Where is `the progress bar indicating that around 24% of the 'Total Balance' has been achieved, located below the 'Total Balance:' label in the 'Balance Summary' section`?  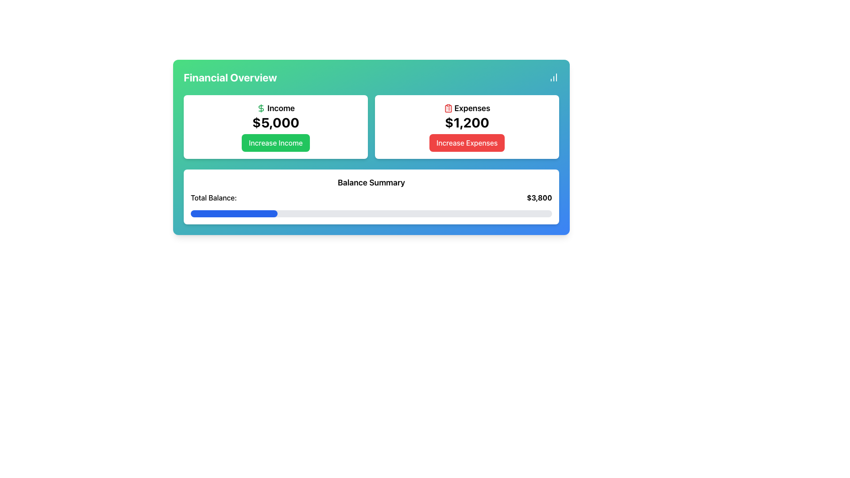 the progress bar indicating that around 24% of the 'Total Balance' has been achieved, located below the 'Total Balance:' label in the 'Balance Summary' section is located at coordinates (371, 213).